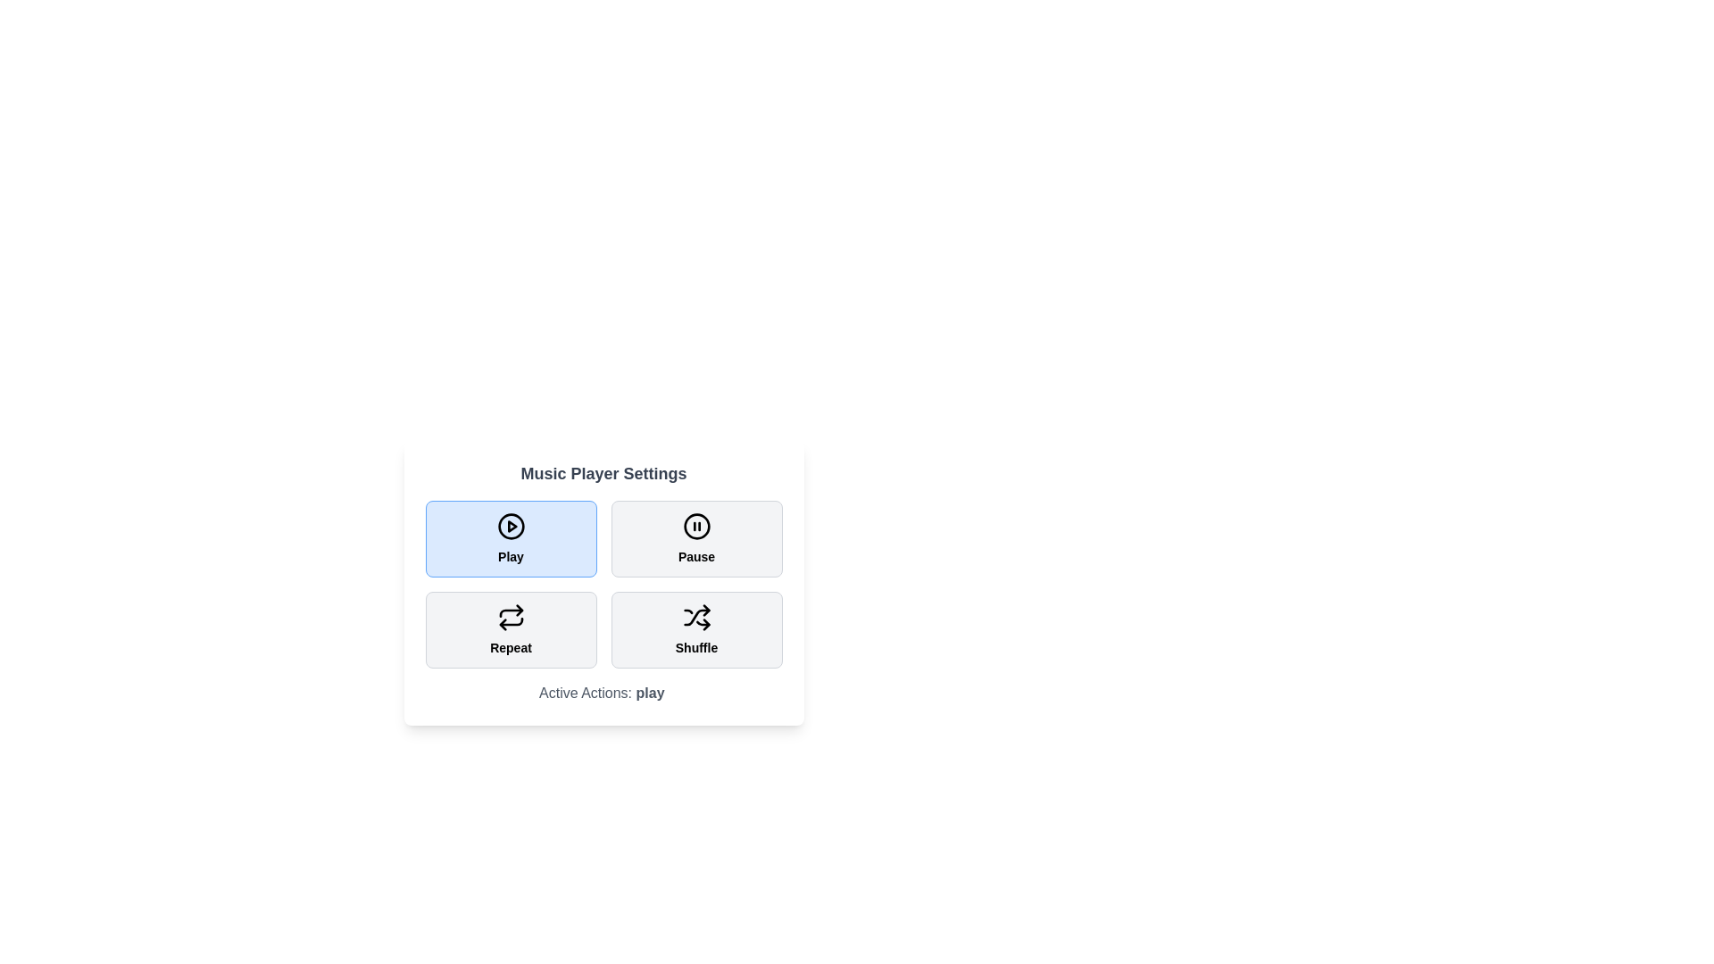  Describe the element at coordinates (510, 628) in the screenshot. I see `the Repeat button to toggle the repeat action` at that location.